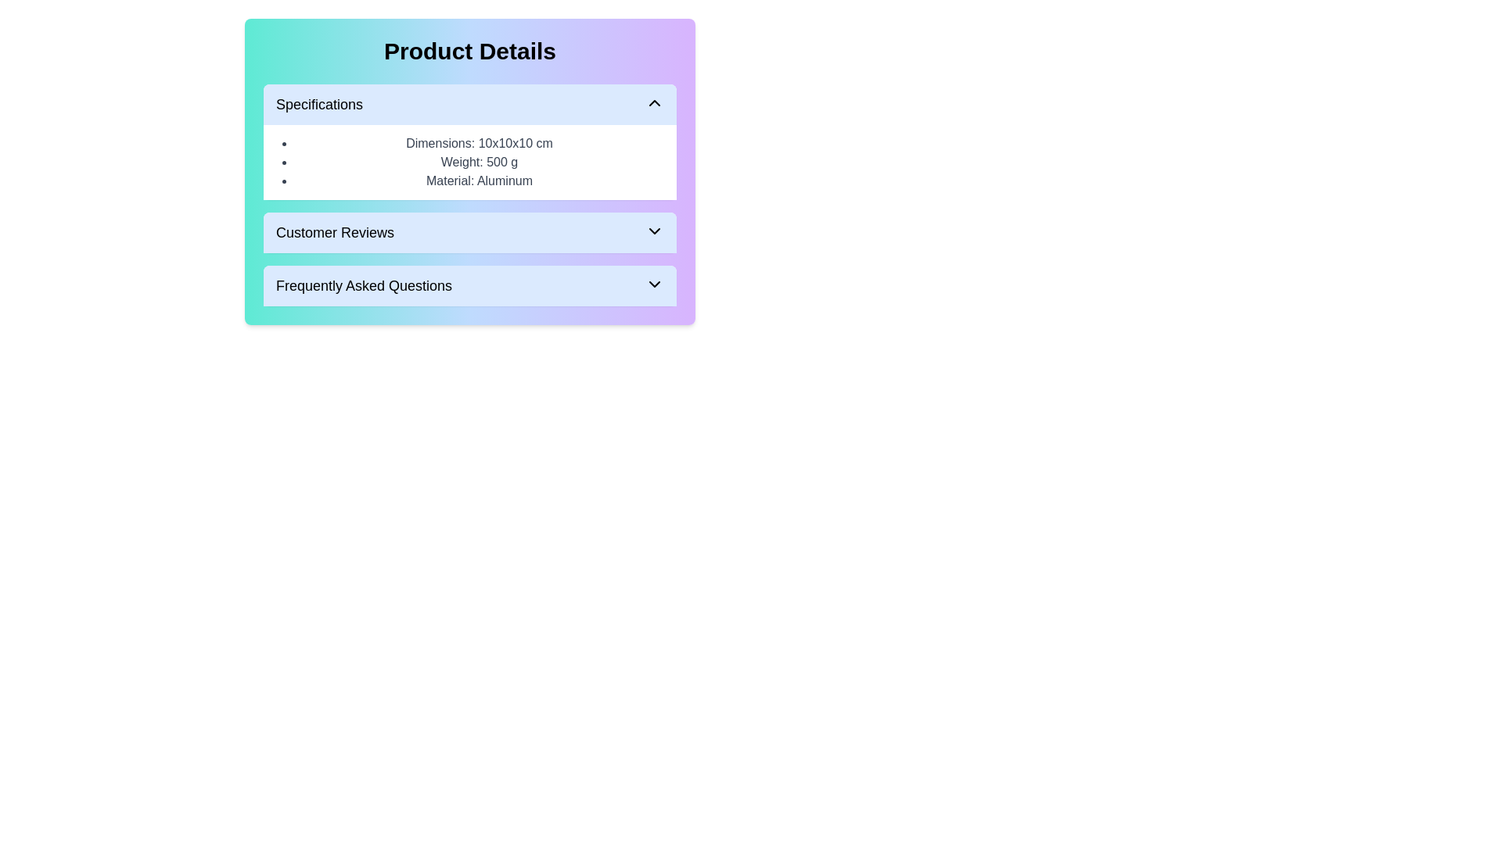 The width and height of the screenshot is (1502, 844). I want to click on the chevron icon located at the far right of the 'Frequently Asked Questions' section header, so click(654, 284).